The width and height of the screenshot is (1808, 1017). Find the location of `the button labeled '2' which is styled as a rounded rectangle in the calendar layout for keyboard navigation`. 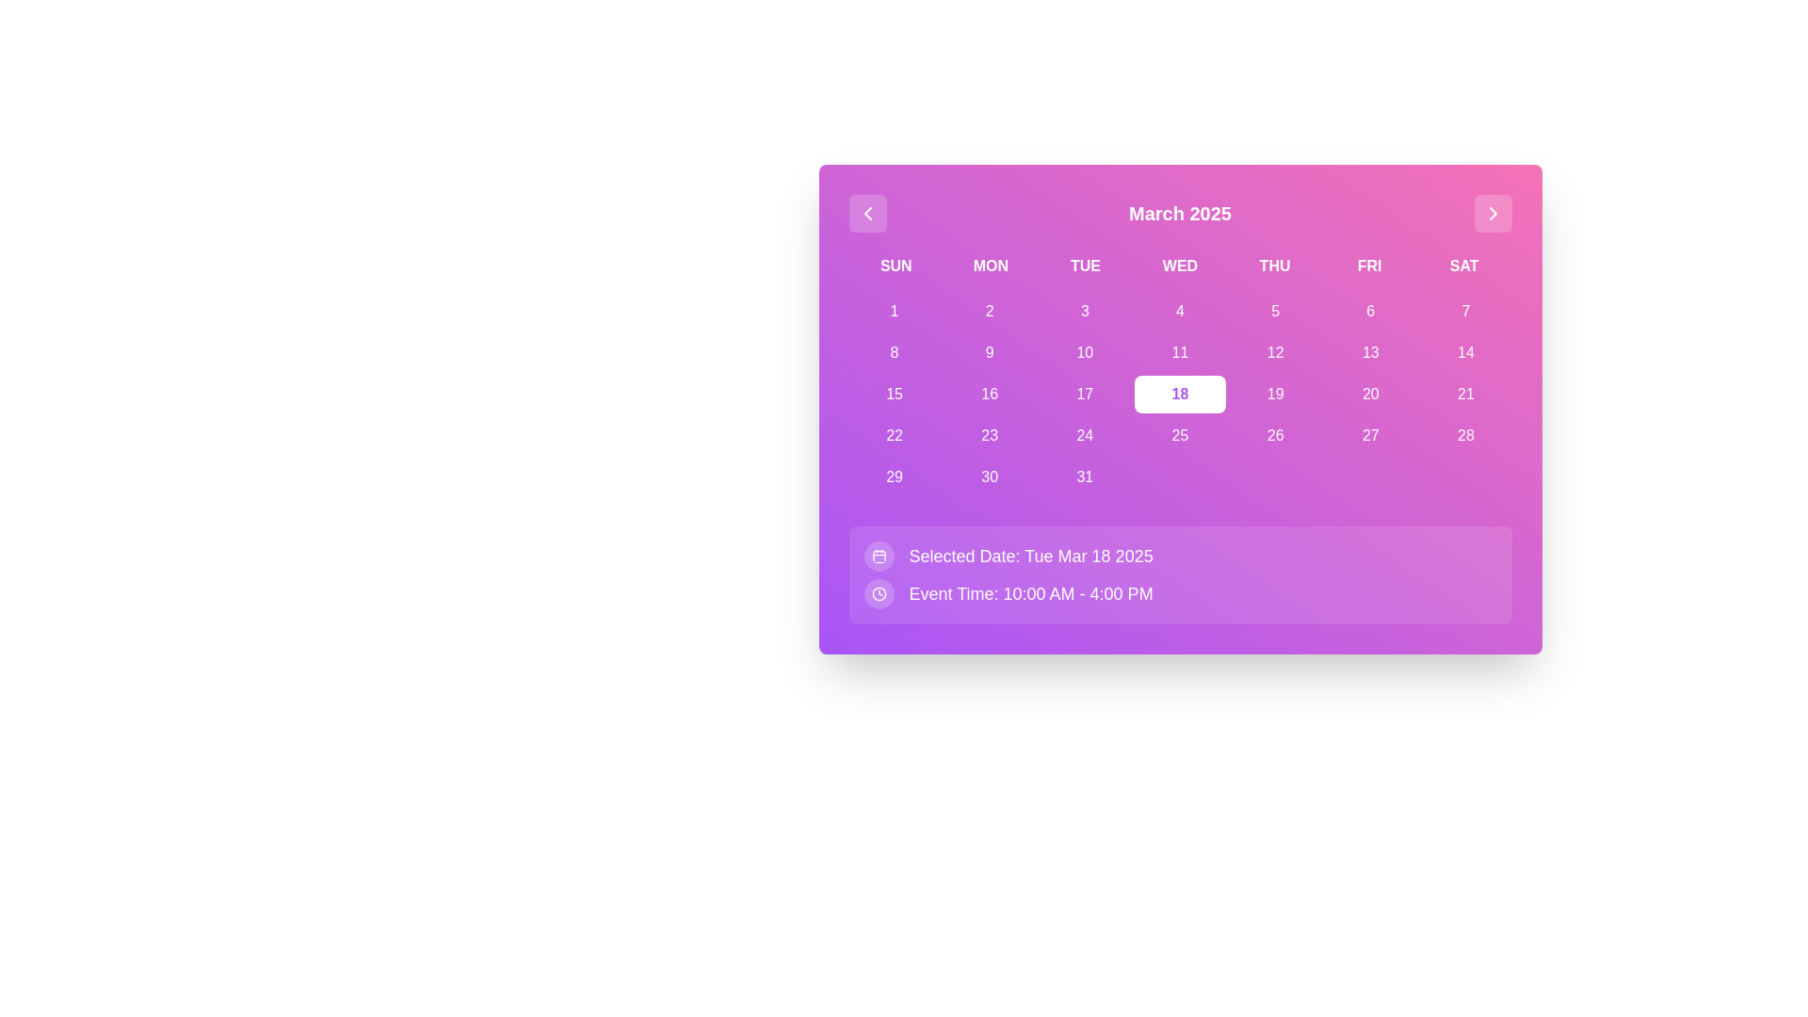

the button labeled '2' which is styled as a rounded rectangle in the calendar layout for keyboard navigation is located at coordinates (989, 311).